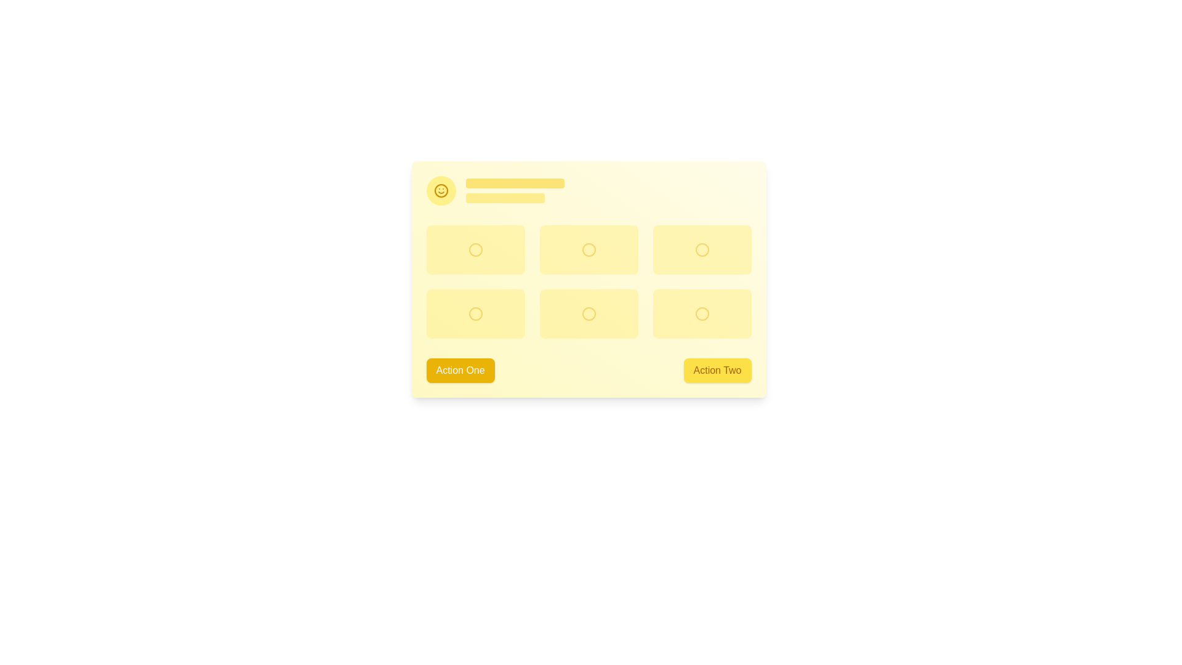 The image size is (1182, 665). What do you see at coordinates (475, 313) in the screenshot?
I see `the yellow rectangular card with rounded corners and a centered icon, which is the first card in the second row of a grid layout` at bounding box center [475, 313].